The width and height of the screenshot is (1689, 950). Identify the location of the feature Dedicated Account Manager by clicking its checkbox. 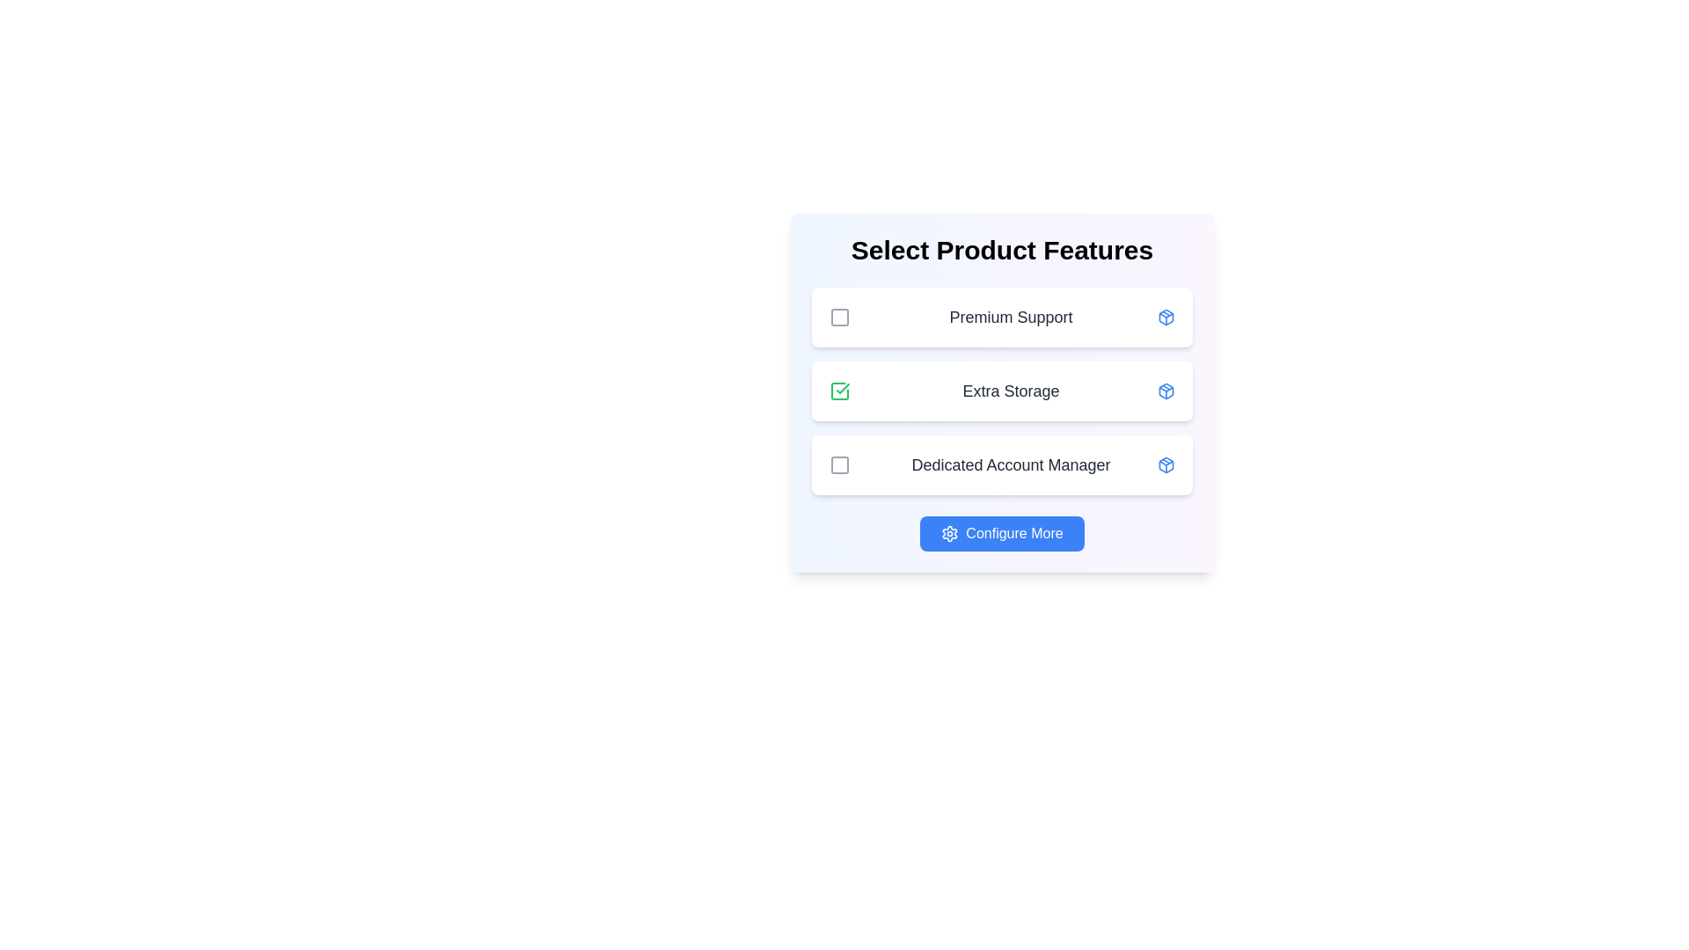
(839, 464).